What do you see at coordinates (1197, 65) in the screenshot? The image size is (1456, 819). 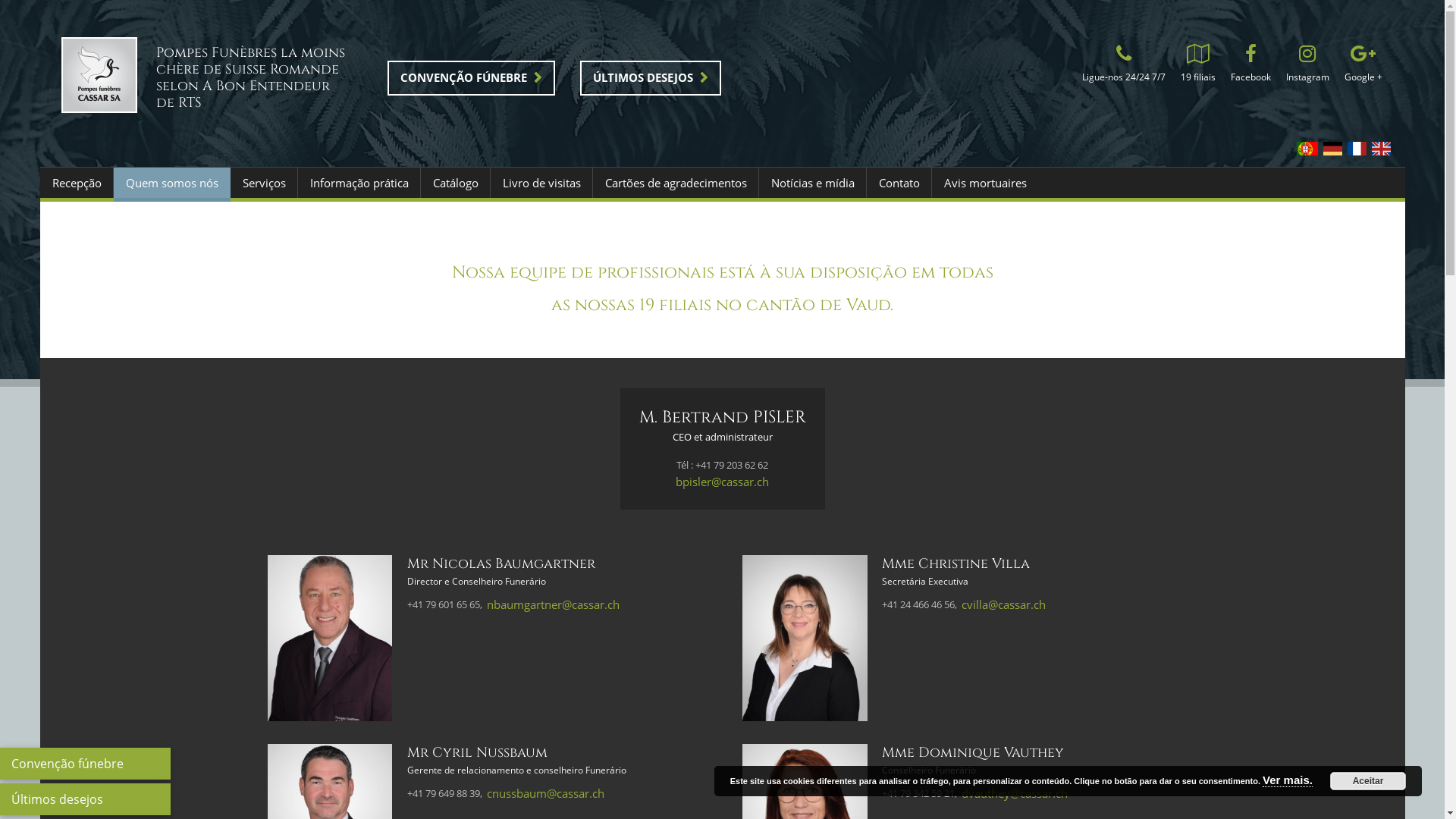 I see `'19 filiais'` at bounding box center [1197, 65].